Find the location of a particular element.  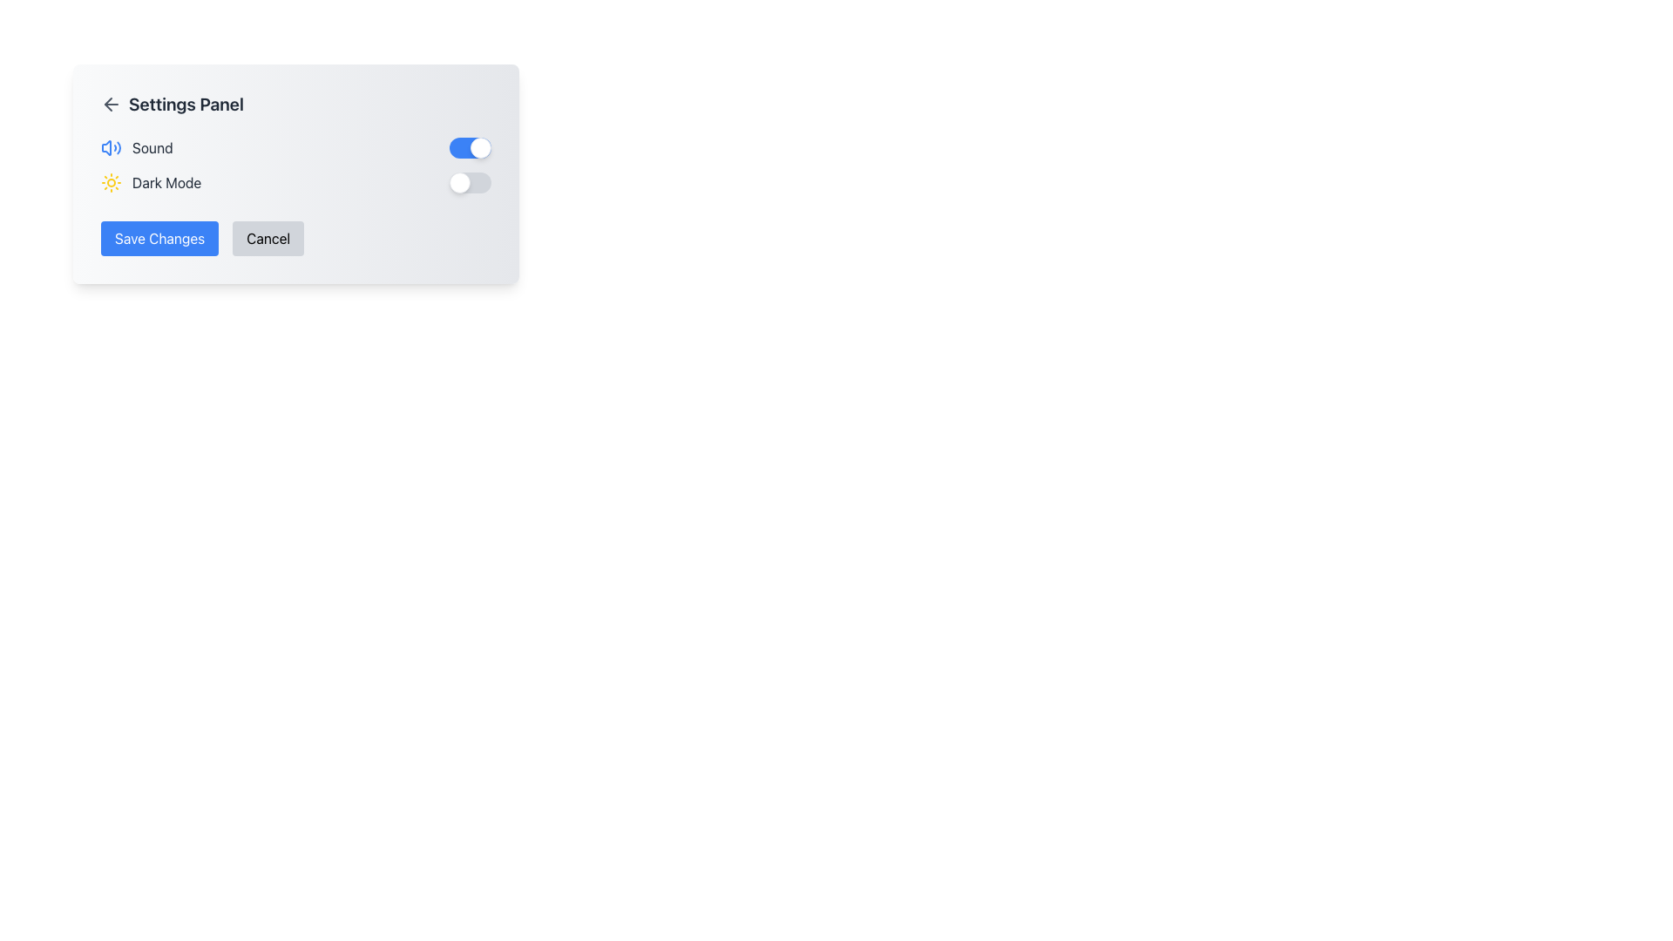

the 'Cancel' button, which is a rectangular button with a light gray background and black text is located at coordinates (267, 238).